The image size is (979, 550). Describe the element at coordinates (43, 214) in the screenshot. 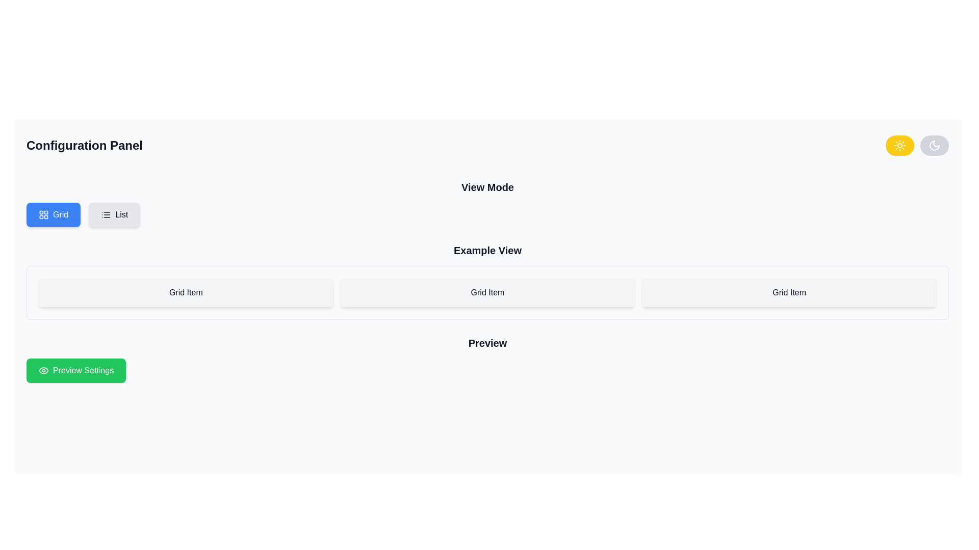

I see `the 'Grid' icon which visually represents the grid mode selection in the interface` at that location.